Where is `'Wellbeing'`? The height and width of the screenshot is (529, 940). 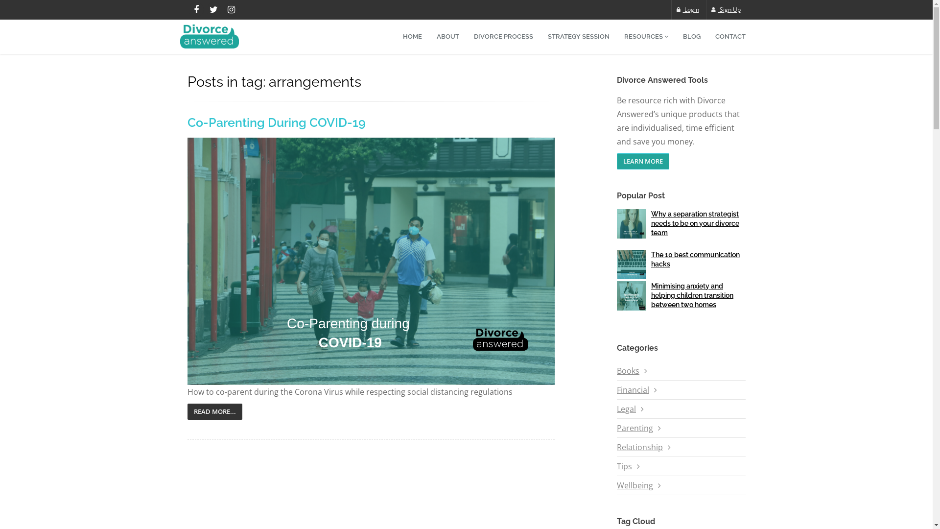 'Wellbeing' is located at coordinates (634, 485).